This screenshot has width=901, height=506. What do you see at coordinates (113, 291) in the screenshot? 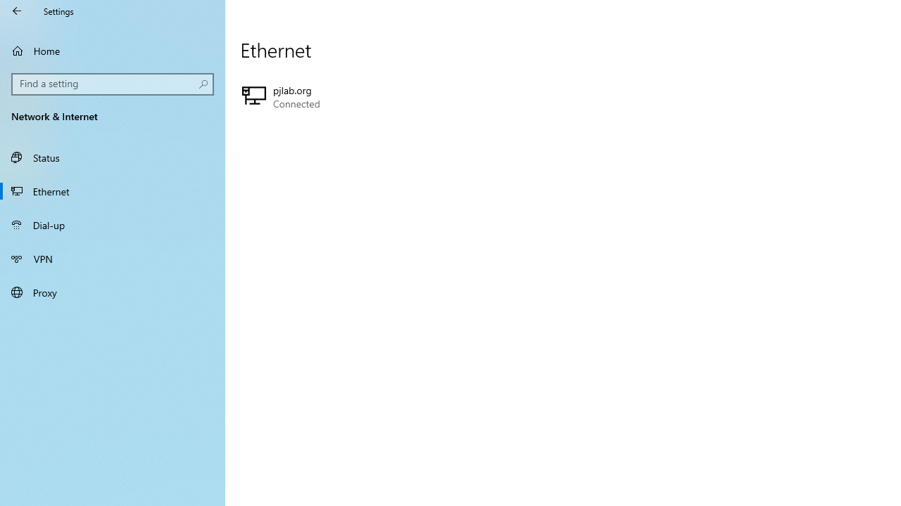
I see `'Proxy'` at bounding box center [113, 291].